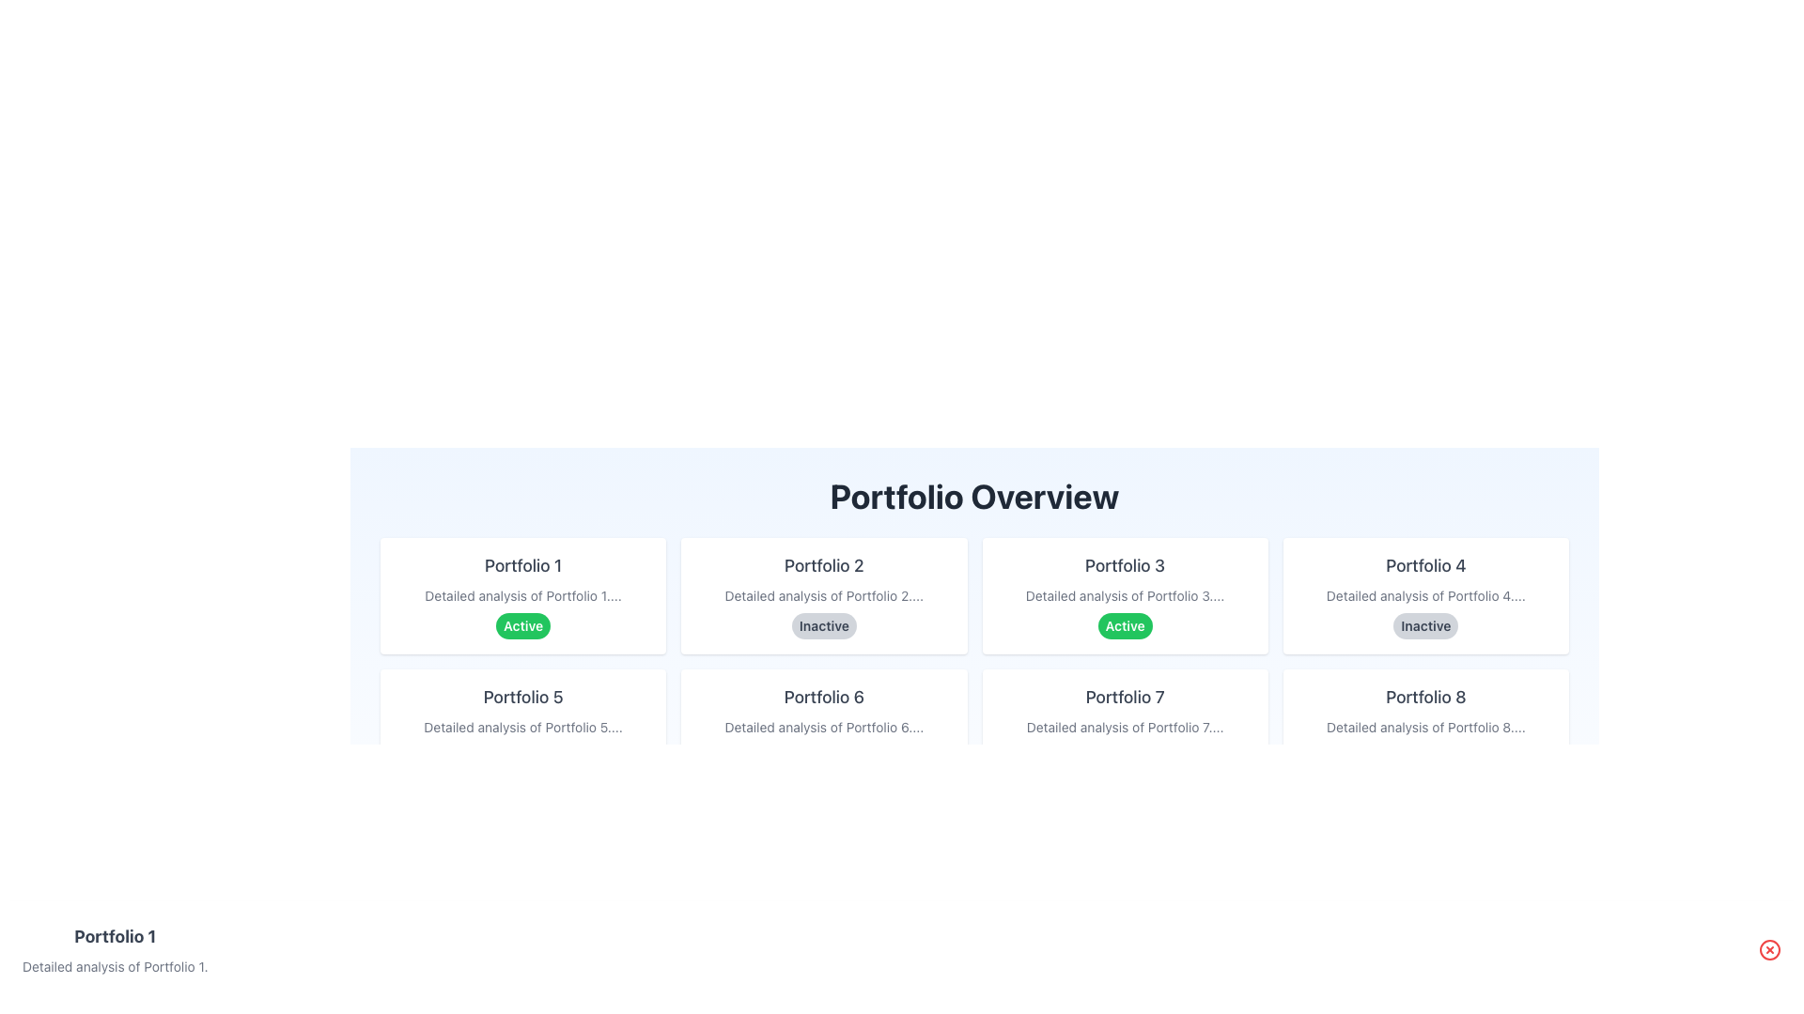 This screenshot has height=1014, width=1804. I want to click on the informational Text Label providing details about 'Portfolio 7', which is located below the title and above the status indicator in the card layout, so click(1125, 727).